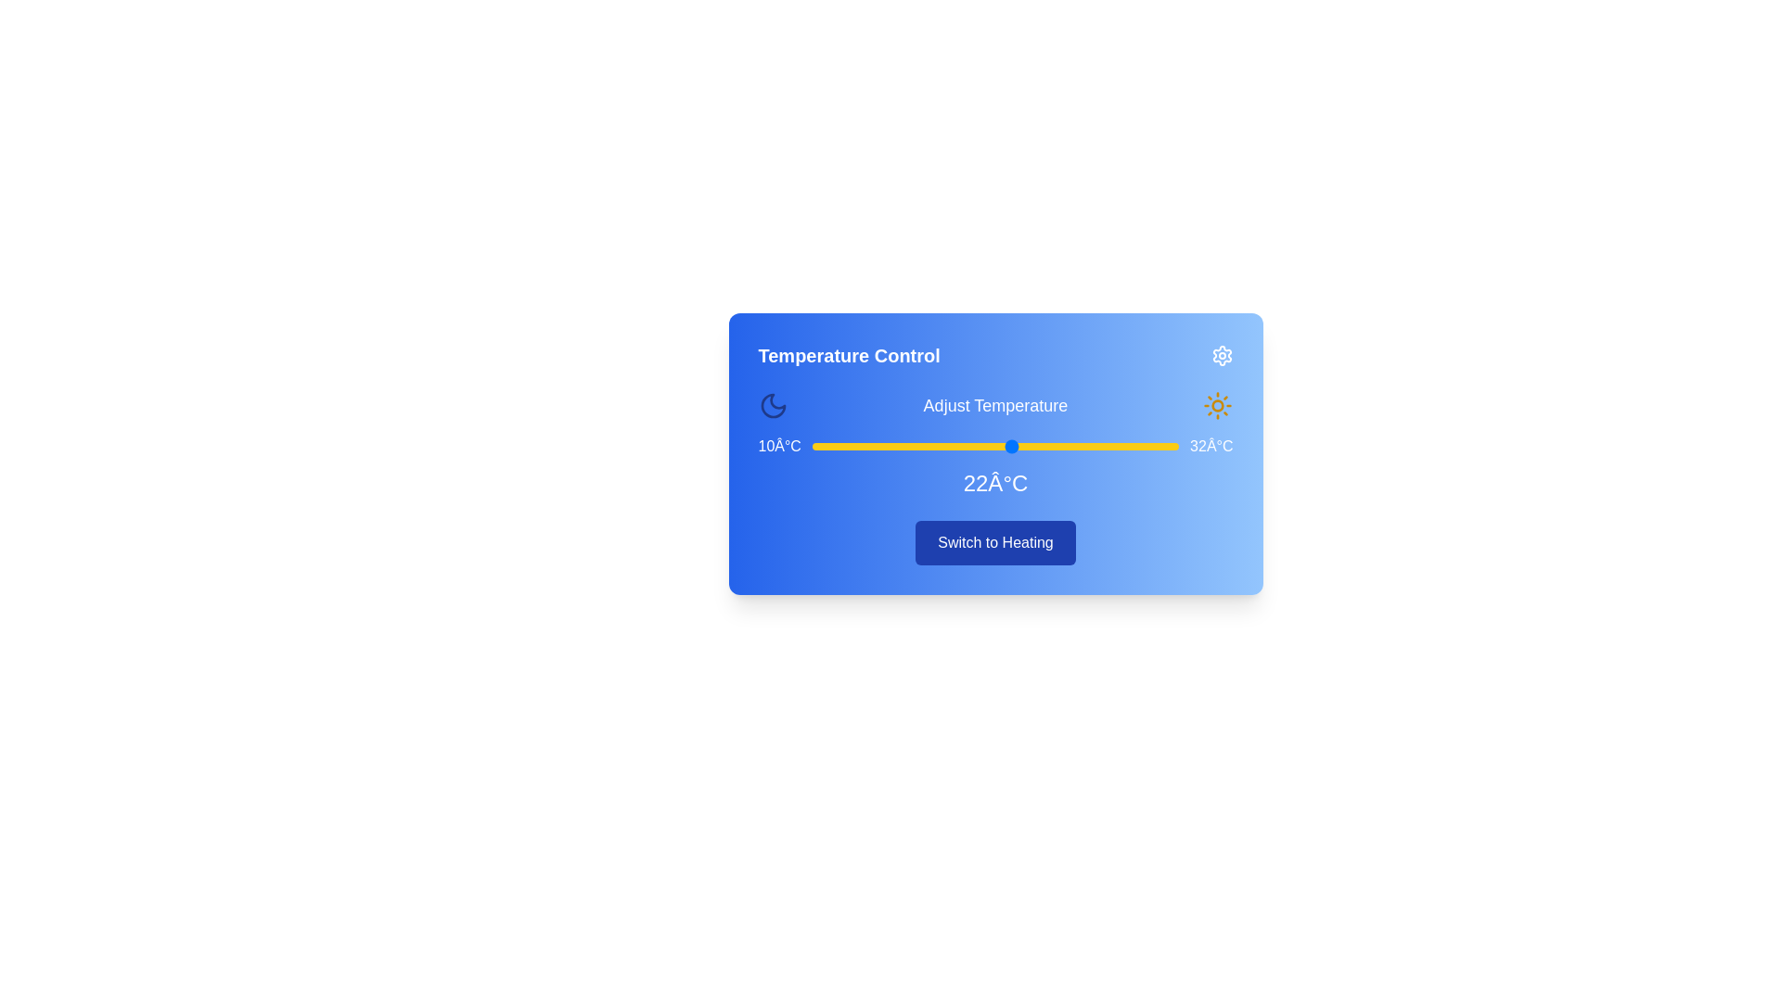 This screenshot has width=1781, height=1001. Describe the element at coordinates (812, 447) in the screenshot. I see `the temperature to 10°C by sliding the temperature slider` at that location.